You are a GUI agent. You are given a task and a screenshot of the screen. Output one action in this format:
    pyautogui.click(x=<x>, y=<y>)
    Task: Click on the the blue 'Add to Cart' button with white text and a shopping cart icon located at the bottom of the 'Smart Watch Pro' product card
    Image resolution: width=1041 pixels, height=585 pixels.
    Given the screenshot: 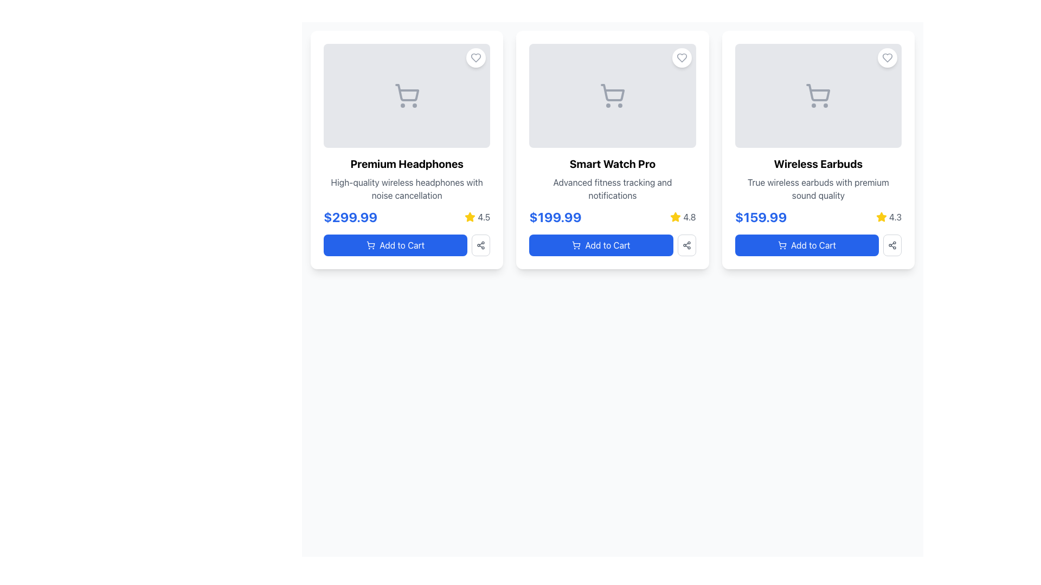 What is the action you would take?
    pyautogui.click(x=600, y=245)
    